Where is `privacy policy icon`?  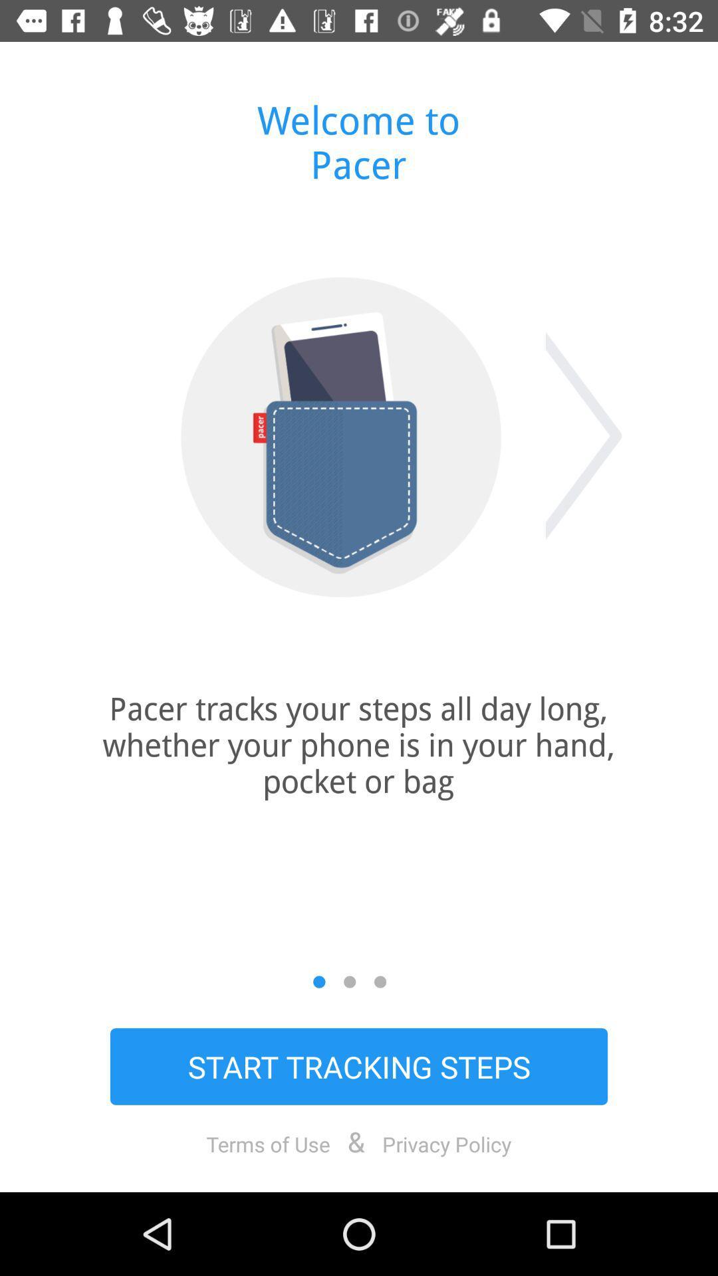
privacy policy icon is located at coordinates (447, 1143).